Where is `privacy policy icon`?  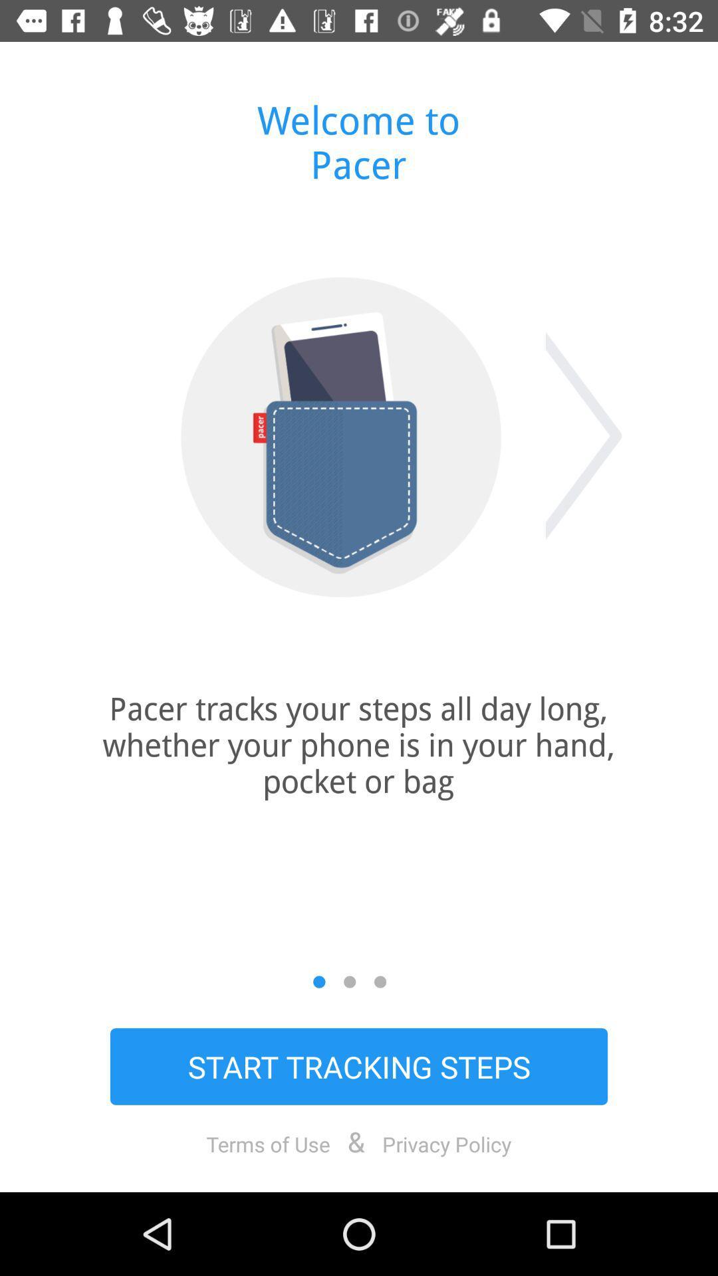
privacy policy icon is located at coordinates (447, 1143).